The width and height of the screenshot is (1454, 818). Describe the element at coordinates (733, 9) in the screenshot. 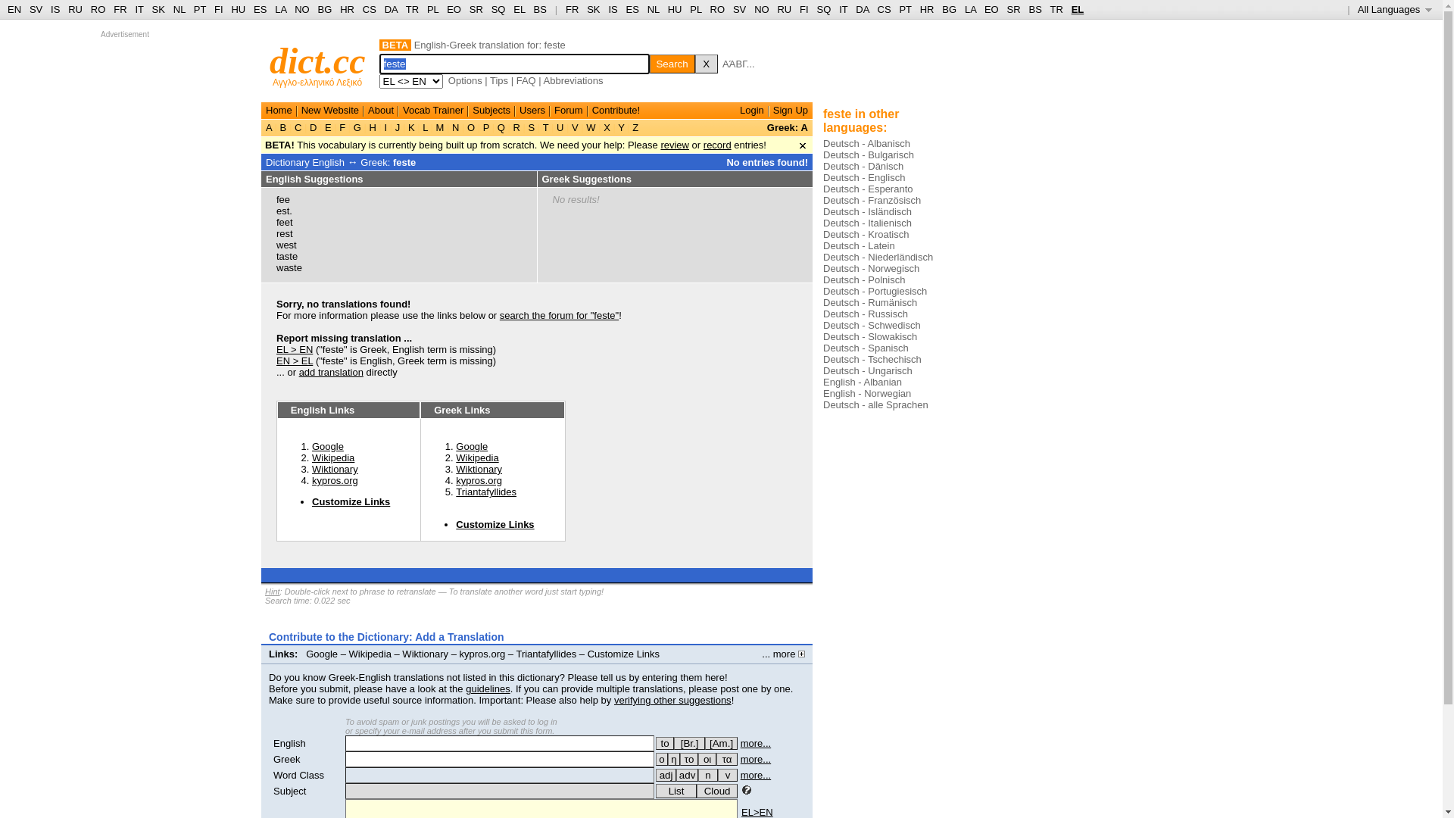

I see `'SV'` at that location.